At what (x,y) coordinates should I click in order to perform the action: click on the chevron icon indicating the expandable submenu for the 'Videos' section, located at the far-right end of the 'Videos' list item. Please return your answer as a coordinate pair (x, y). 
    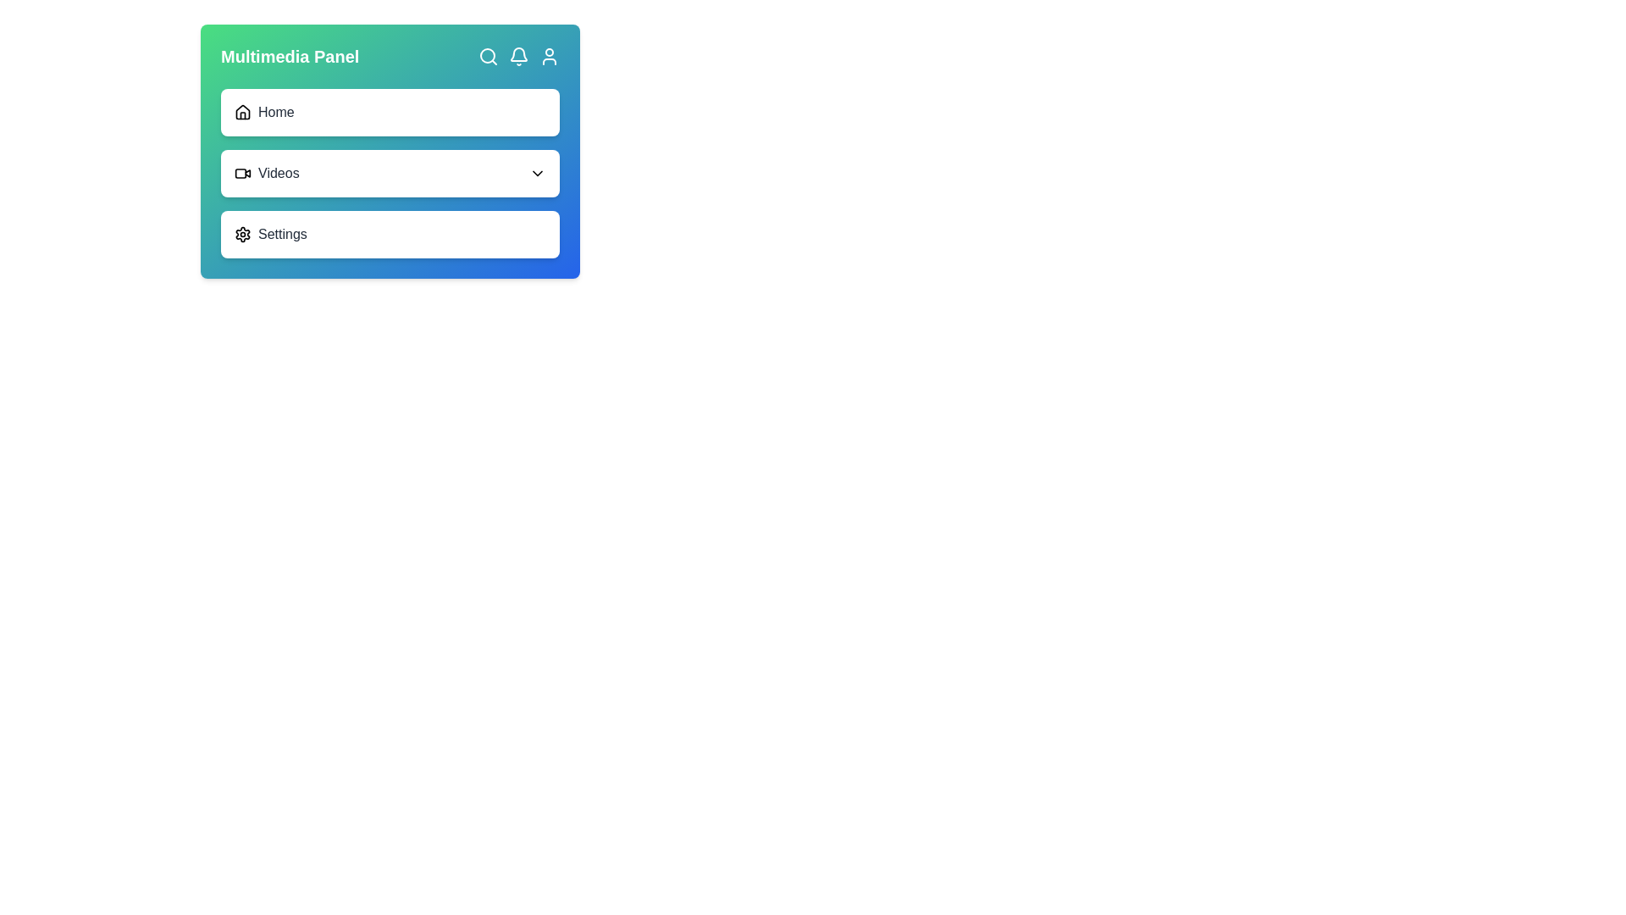
    Looking at the image, I should click on (536, 173).